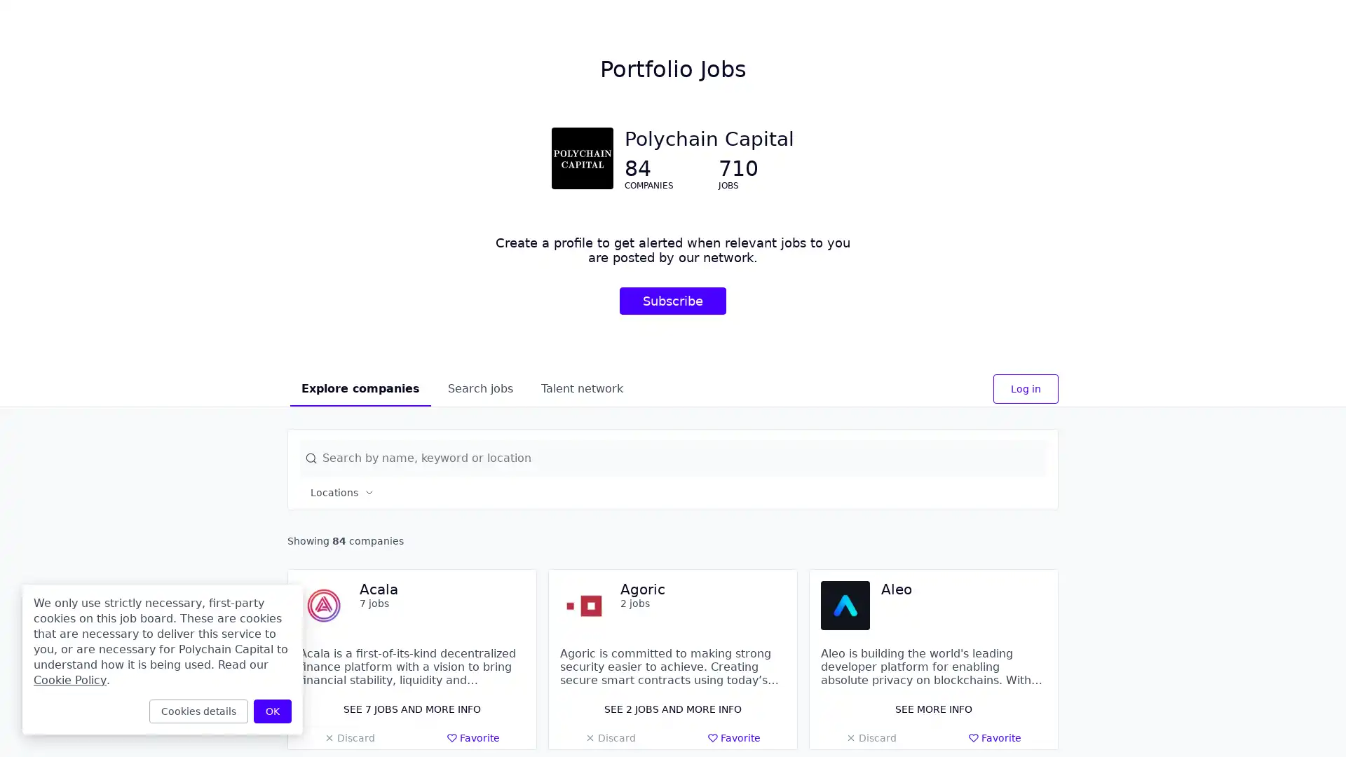 This screenshot has width=1346, height=757. Describe the element at coordinates (733, 737) in the screenshot. I see `Favorite` at that location.